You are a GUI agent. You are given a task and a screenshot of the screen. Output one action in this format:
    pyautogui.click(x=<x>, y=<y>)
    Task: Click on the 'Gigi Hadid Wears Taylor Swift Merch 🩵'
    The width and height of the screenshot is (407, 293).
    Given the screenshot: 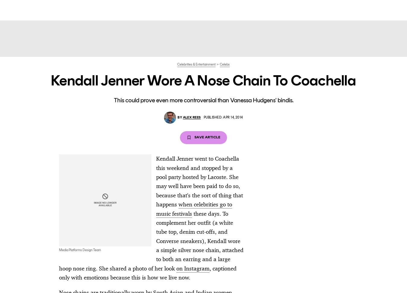 What is the action you would take?
    pyautogui.click(x=336, y=217)
    